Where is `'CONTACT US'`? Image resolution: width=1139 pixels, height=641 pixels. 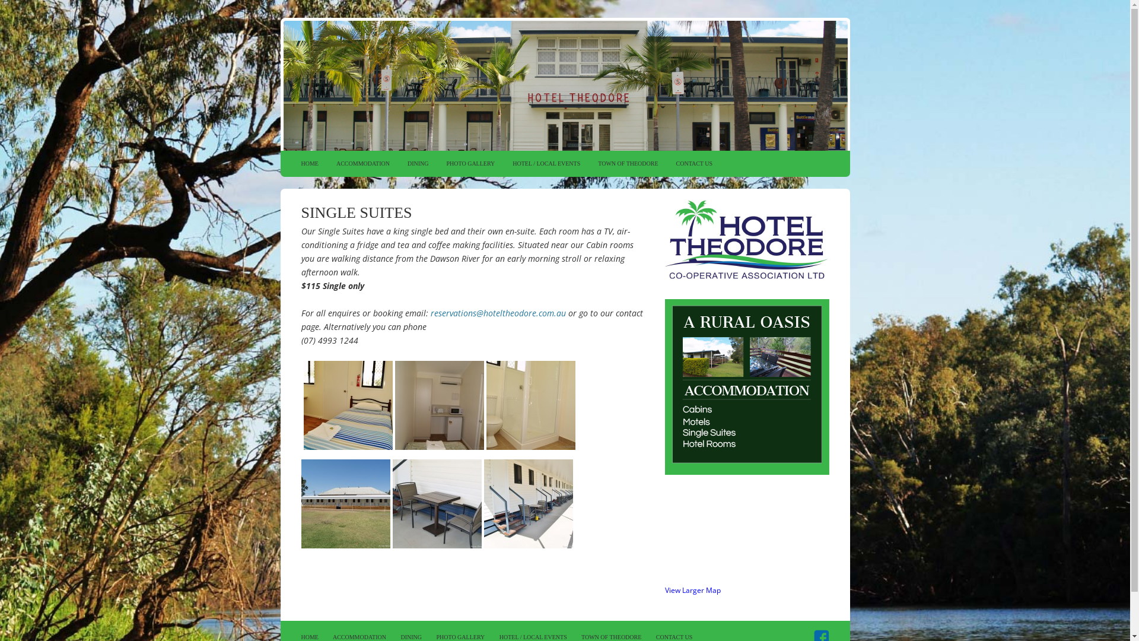
'CONTACT US' is located at coordinates (675, 636).